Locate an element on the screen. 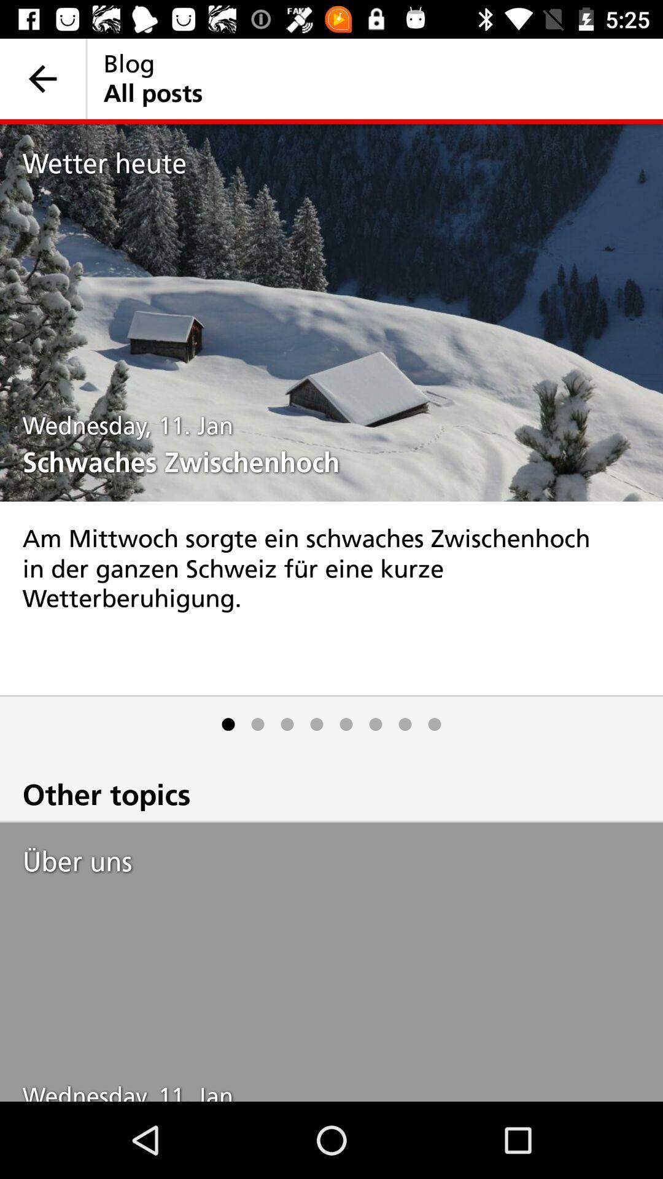 This screenshot has width=663, height=1179. wetter heute icon is located at coordinates (343, 163).